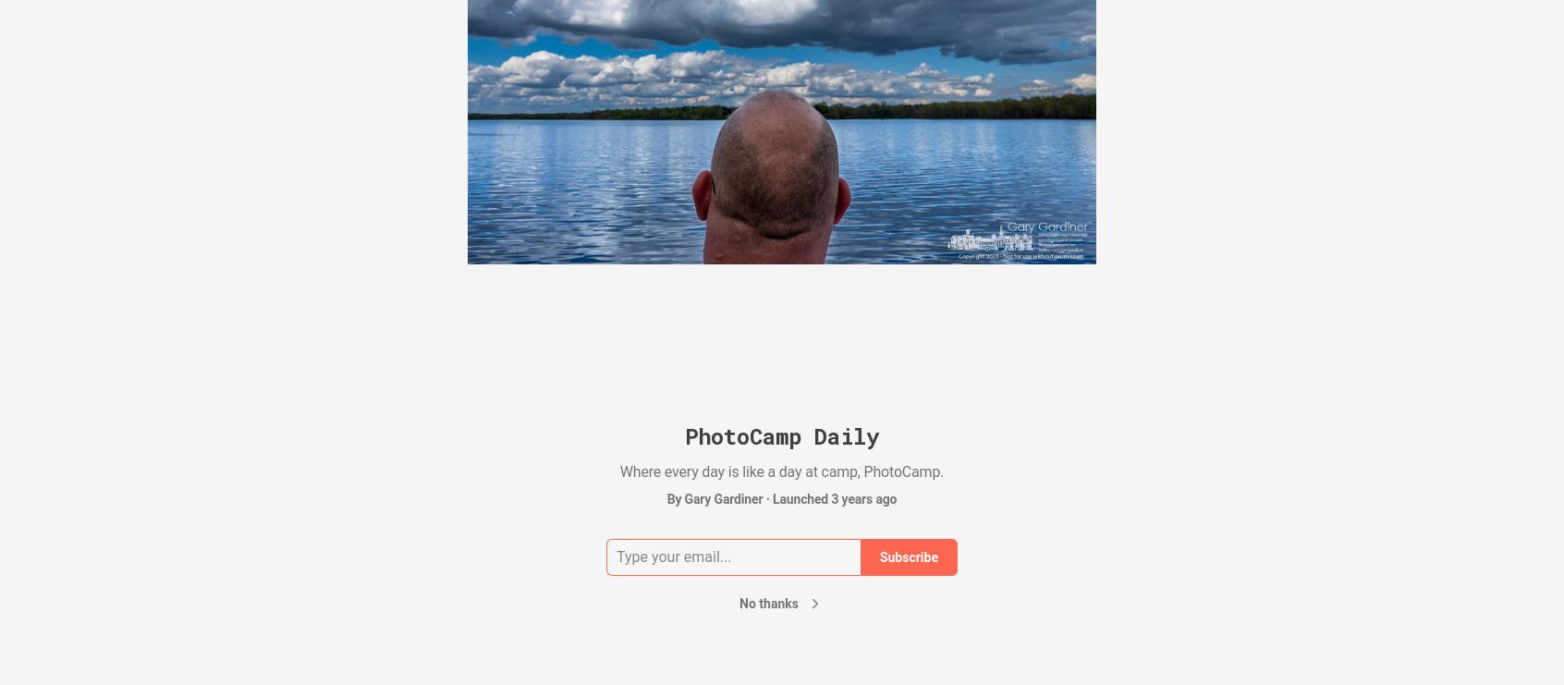  I want to click on 'Spent so much time thinking about the time that time got away from me. That fitness monitor on my wrist that tells time is significant in the way it…', so click(622, 460).